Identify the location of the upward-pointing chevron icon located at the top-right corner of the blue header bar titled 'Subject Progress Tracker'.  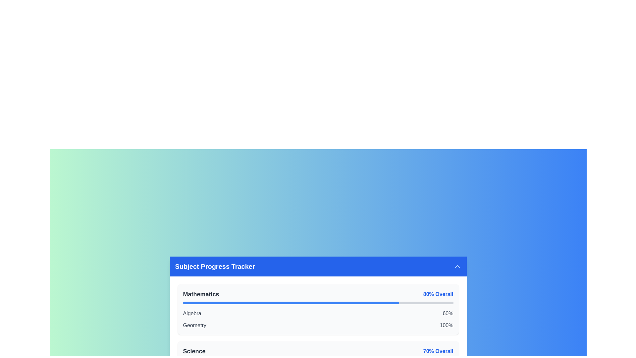
(457, 266).